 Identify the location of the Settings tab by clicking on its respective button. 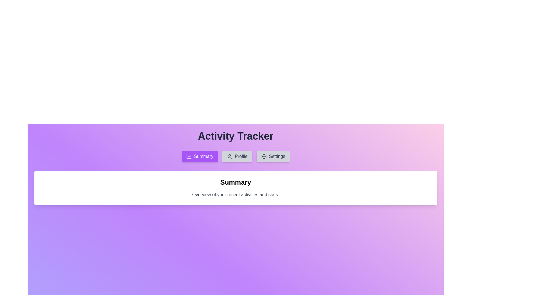
(273, 156).